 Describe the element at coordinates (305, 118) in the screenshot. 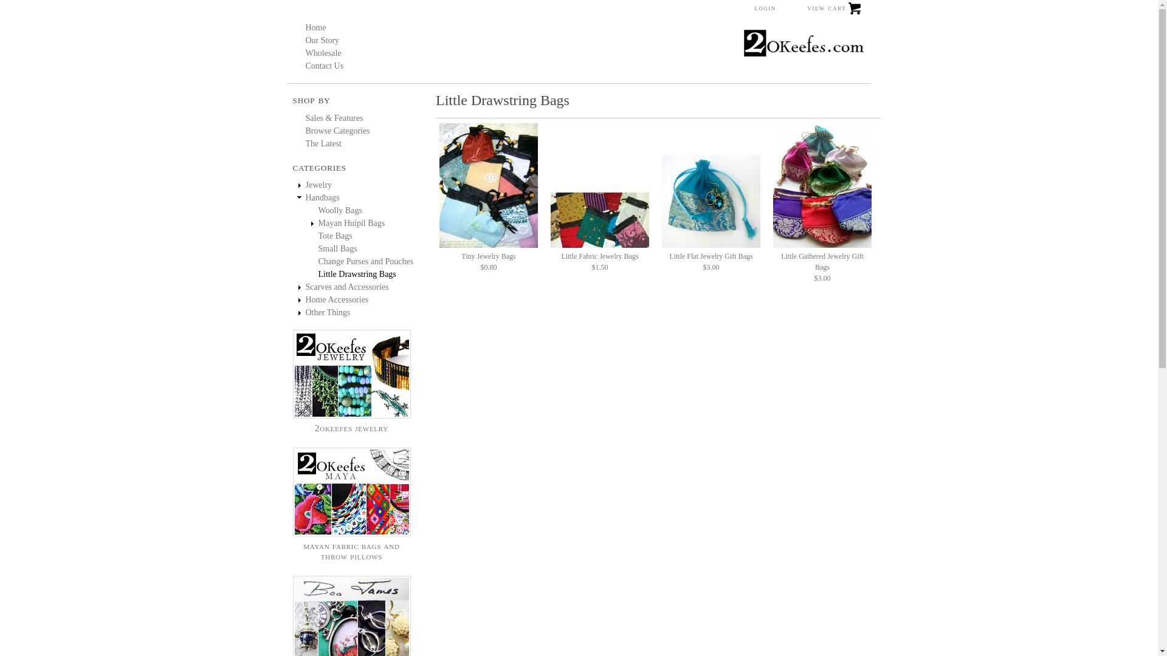

I see `'Sales & Features'` at that location.